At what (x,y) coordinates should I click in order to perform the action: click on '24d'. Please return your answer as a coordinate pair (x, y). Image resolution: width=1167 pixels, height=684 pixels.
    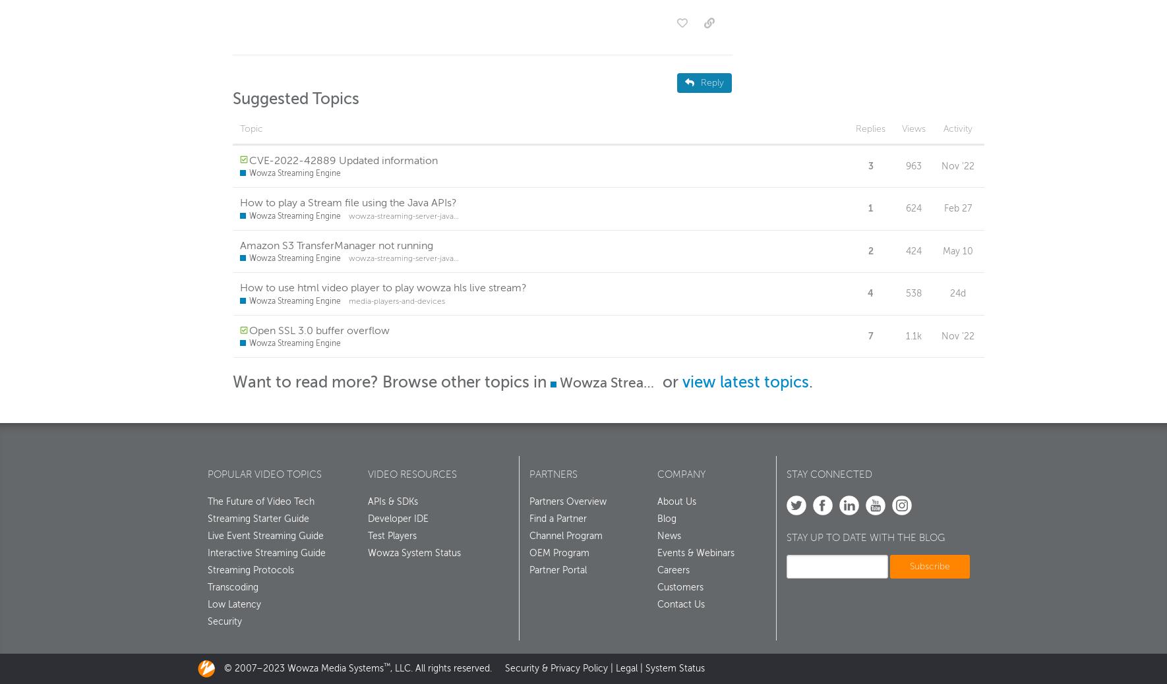
    Looking at the image, I should click on (957, 297).